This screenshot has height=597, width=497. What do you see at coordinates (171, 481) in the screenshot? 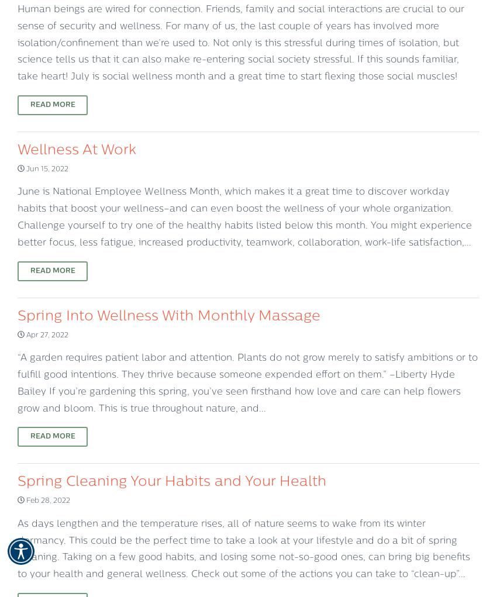
I see `'Spring Cleaning Your Habits and Your Health'` at bounding box center [171, 481].